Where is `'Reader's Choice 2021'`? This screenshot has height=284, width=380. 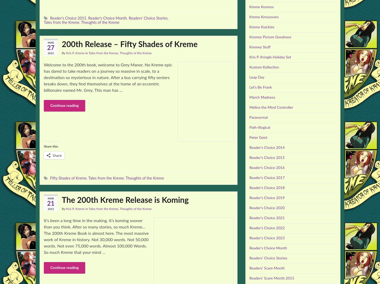
'Reader's Choice 2021' is located at coordinates (267, 218).